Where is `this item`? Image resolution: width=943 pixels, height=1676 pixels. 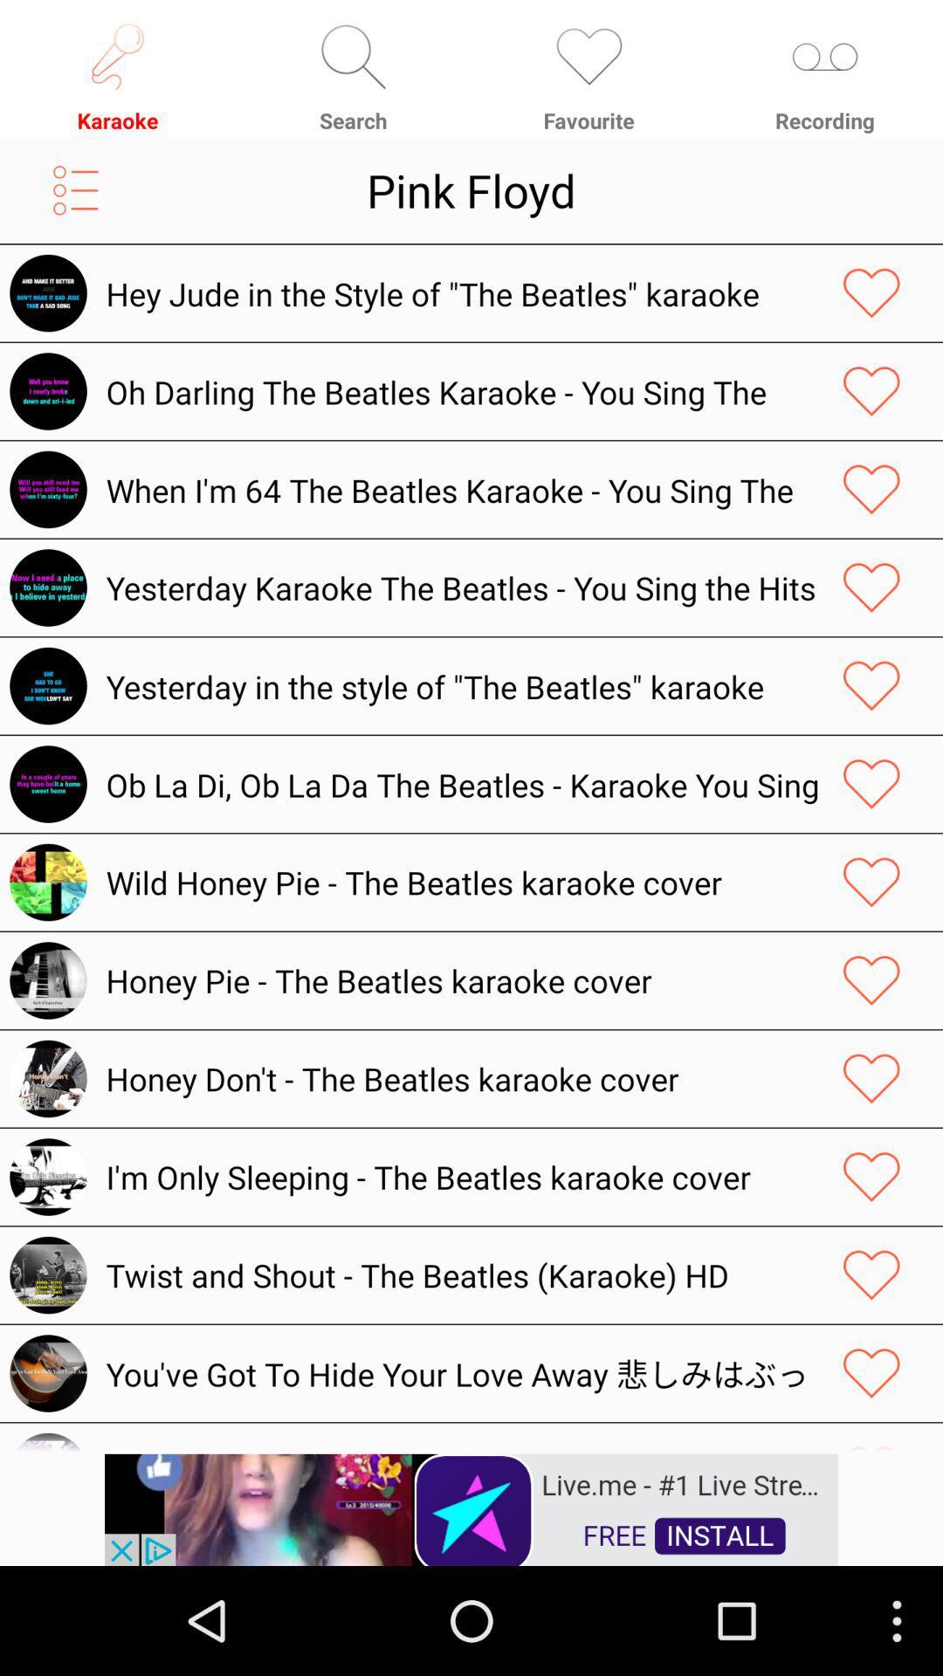
this item is located at coordinates (871, 980).